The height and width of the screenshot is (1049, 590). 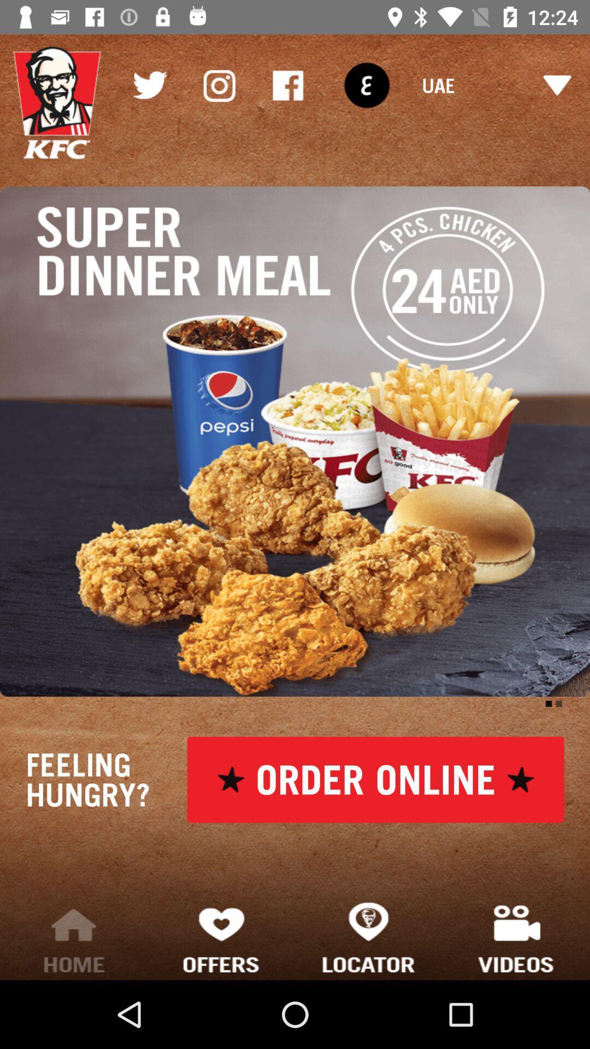 What do you see at coordinates (287, 85) in the screenshot?
I see `the facebook icon` at bounding box center [287, 85].